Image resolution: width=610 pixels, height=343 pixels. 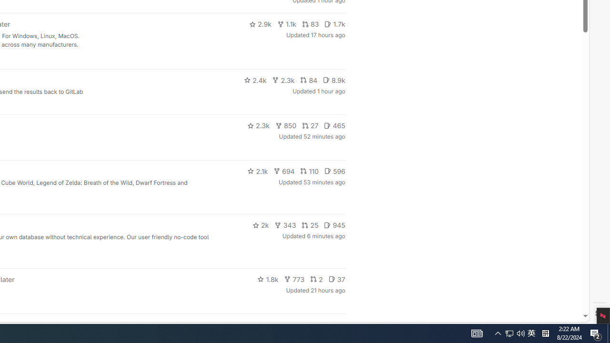 What do you see at coordinates (335, 225) in the screenshot?
I see `'945'` at bounding box center [335, 225].